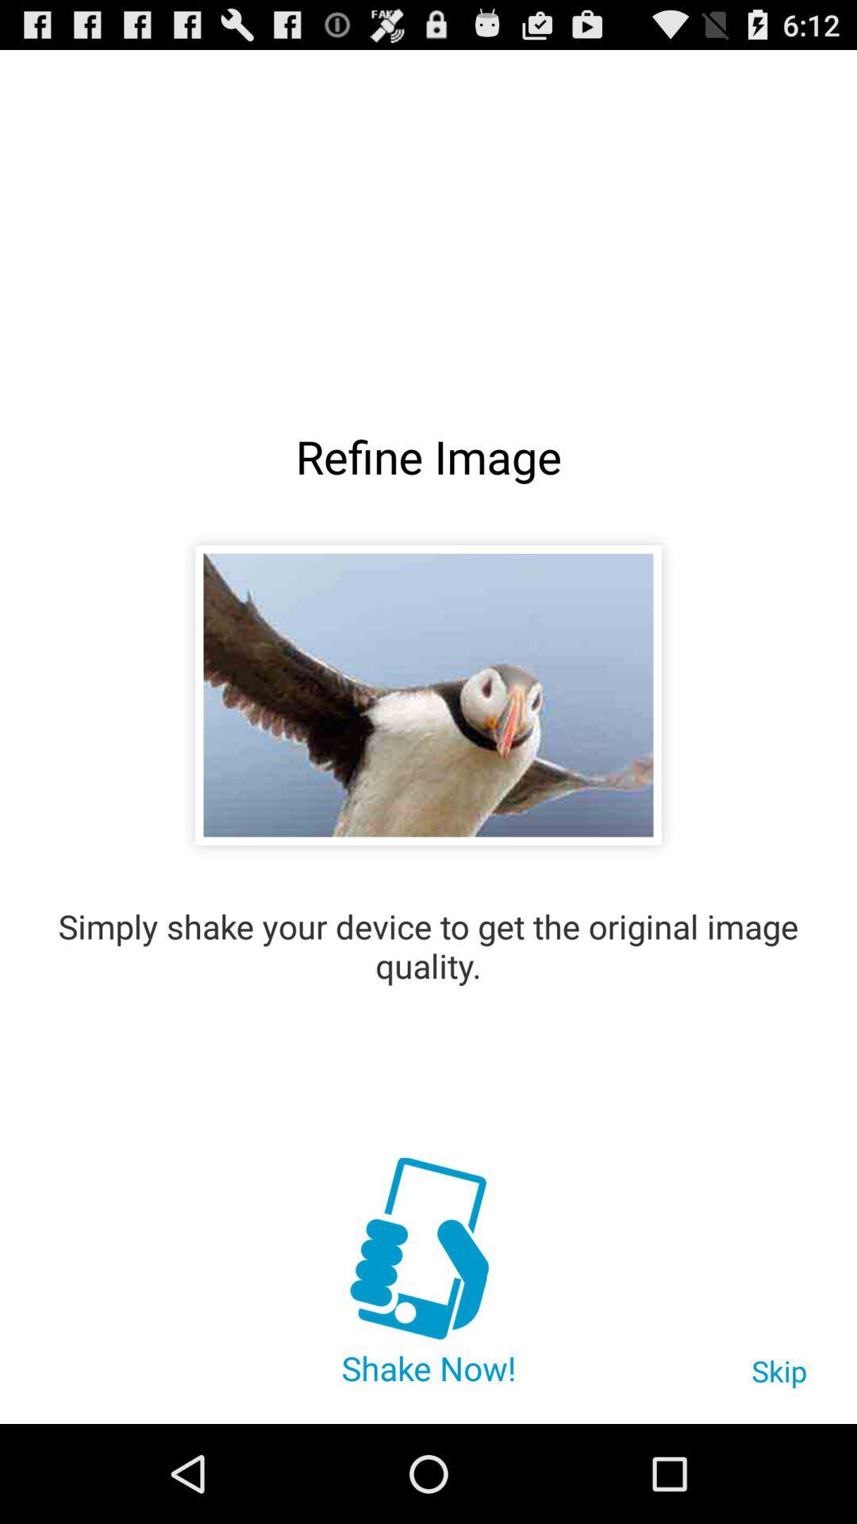  Describe the element at coordinates (427, 1250) in the screenshot. I see `item below the simply shake your app` at that location.